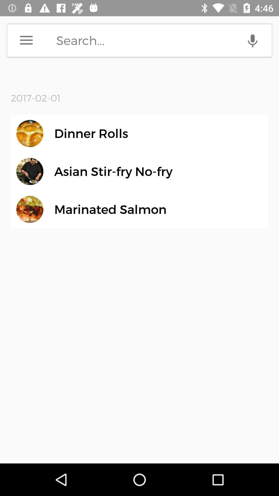  What do you see at coordinates (164, 40) in the screenshot?
I see `search bar` at bounding box center [164, 40].